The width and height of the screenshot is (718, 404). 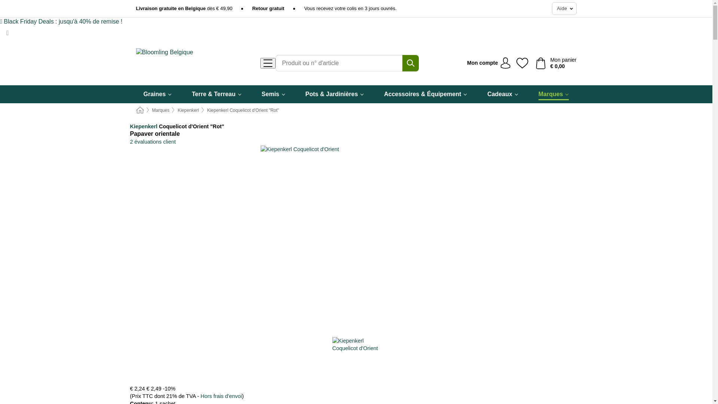 I want to click on 'Page d'accueil', so click(x=140, y=110).